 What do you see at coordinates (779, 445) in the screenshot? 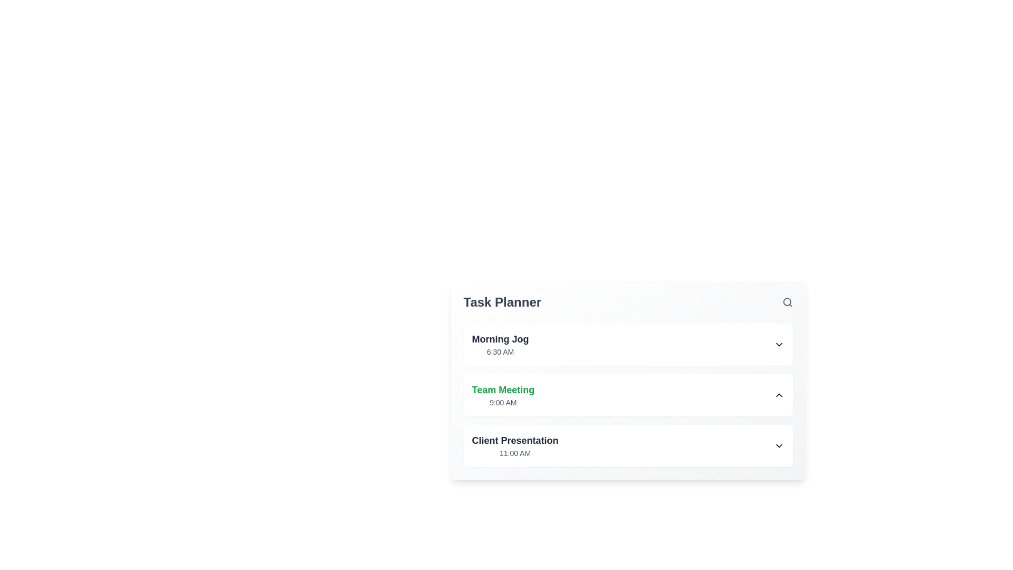
I see `the button to mark the task 'Client Presentation at 11:00 AM' as completed` at bounding box center [779, 445].